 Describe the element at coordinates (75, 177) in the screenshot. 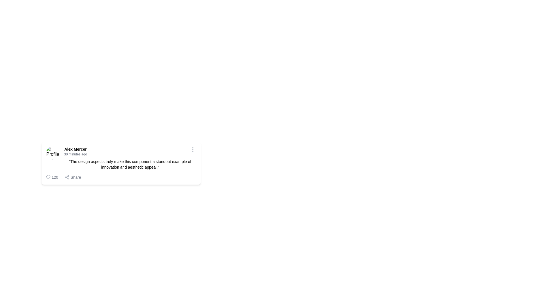

I see `the 'Share' text label, which is styled in medium-gray sans-serif font and positioned next to a share icon` at that location.